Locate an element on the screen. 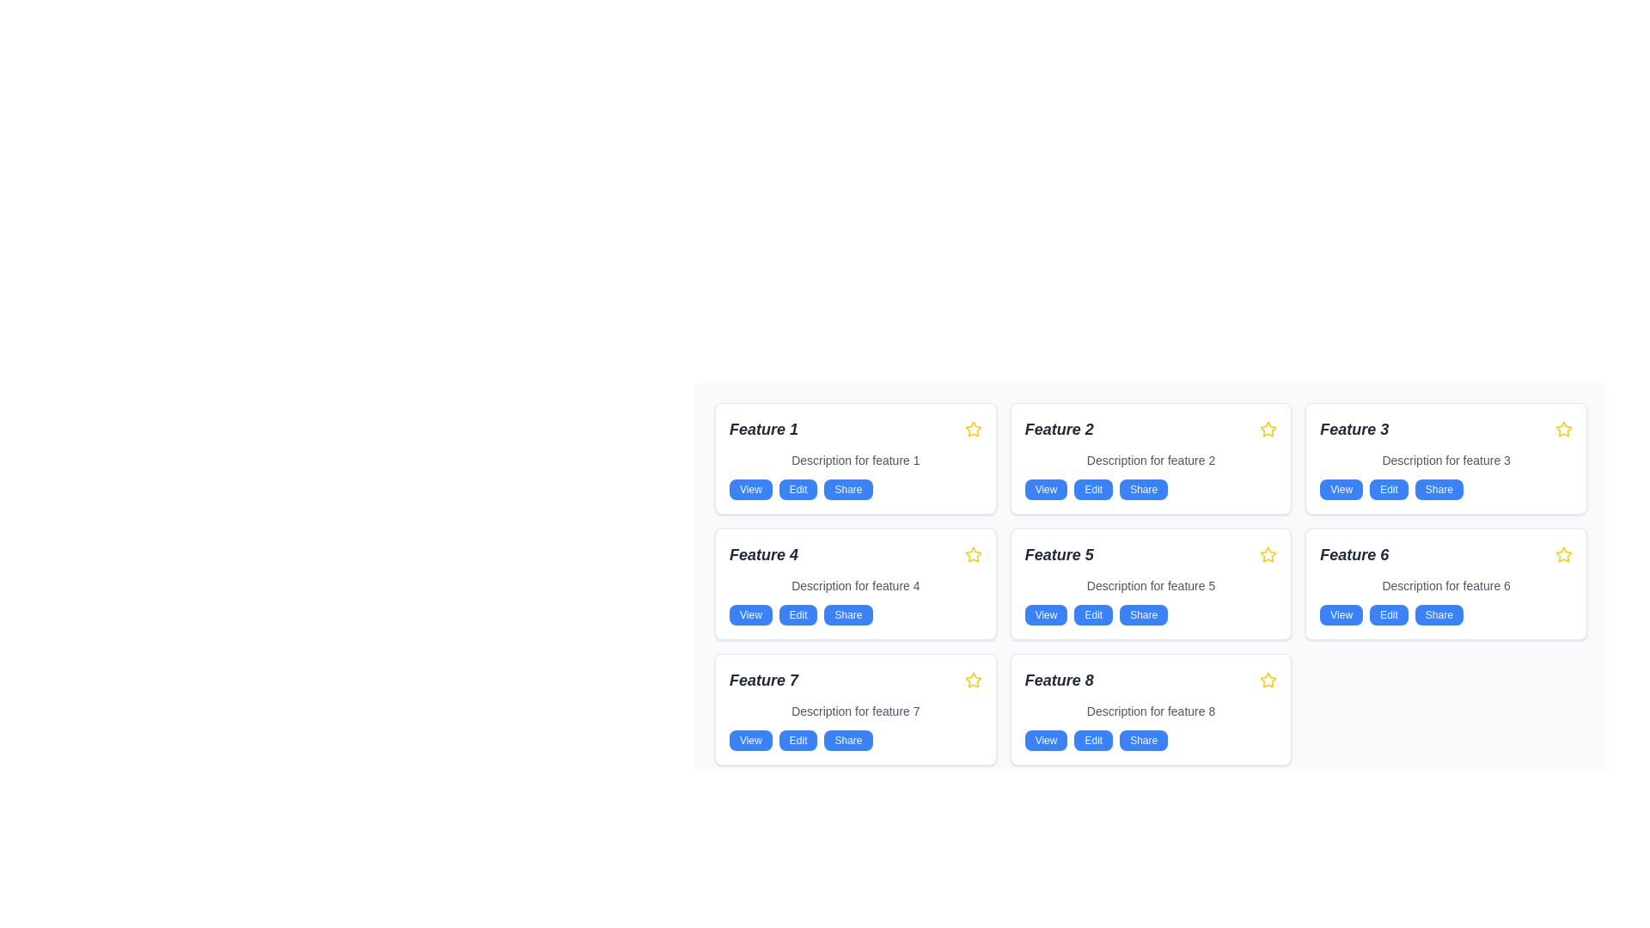 The height and width of the screenshot is (928, 1650). the 'Share' button, which is a blue button with white text and a rounded rectangle shape, located in the action button group under 'Feature 2' is located at coordinates (1144, 490).